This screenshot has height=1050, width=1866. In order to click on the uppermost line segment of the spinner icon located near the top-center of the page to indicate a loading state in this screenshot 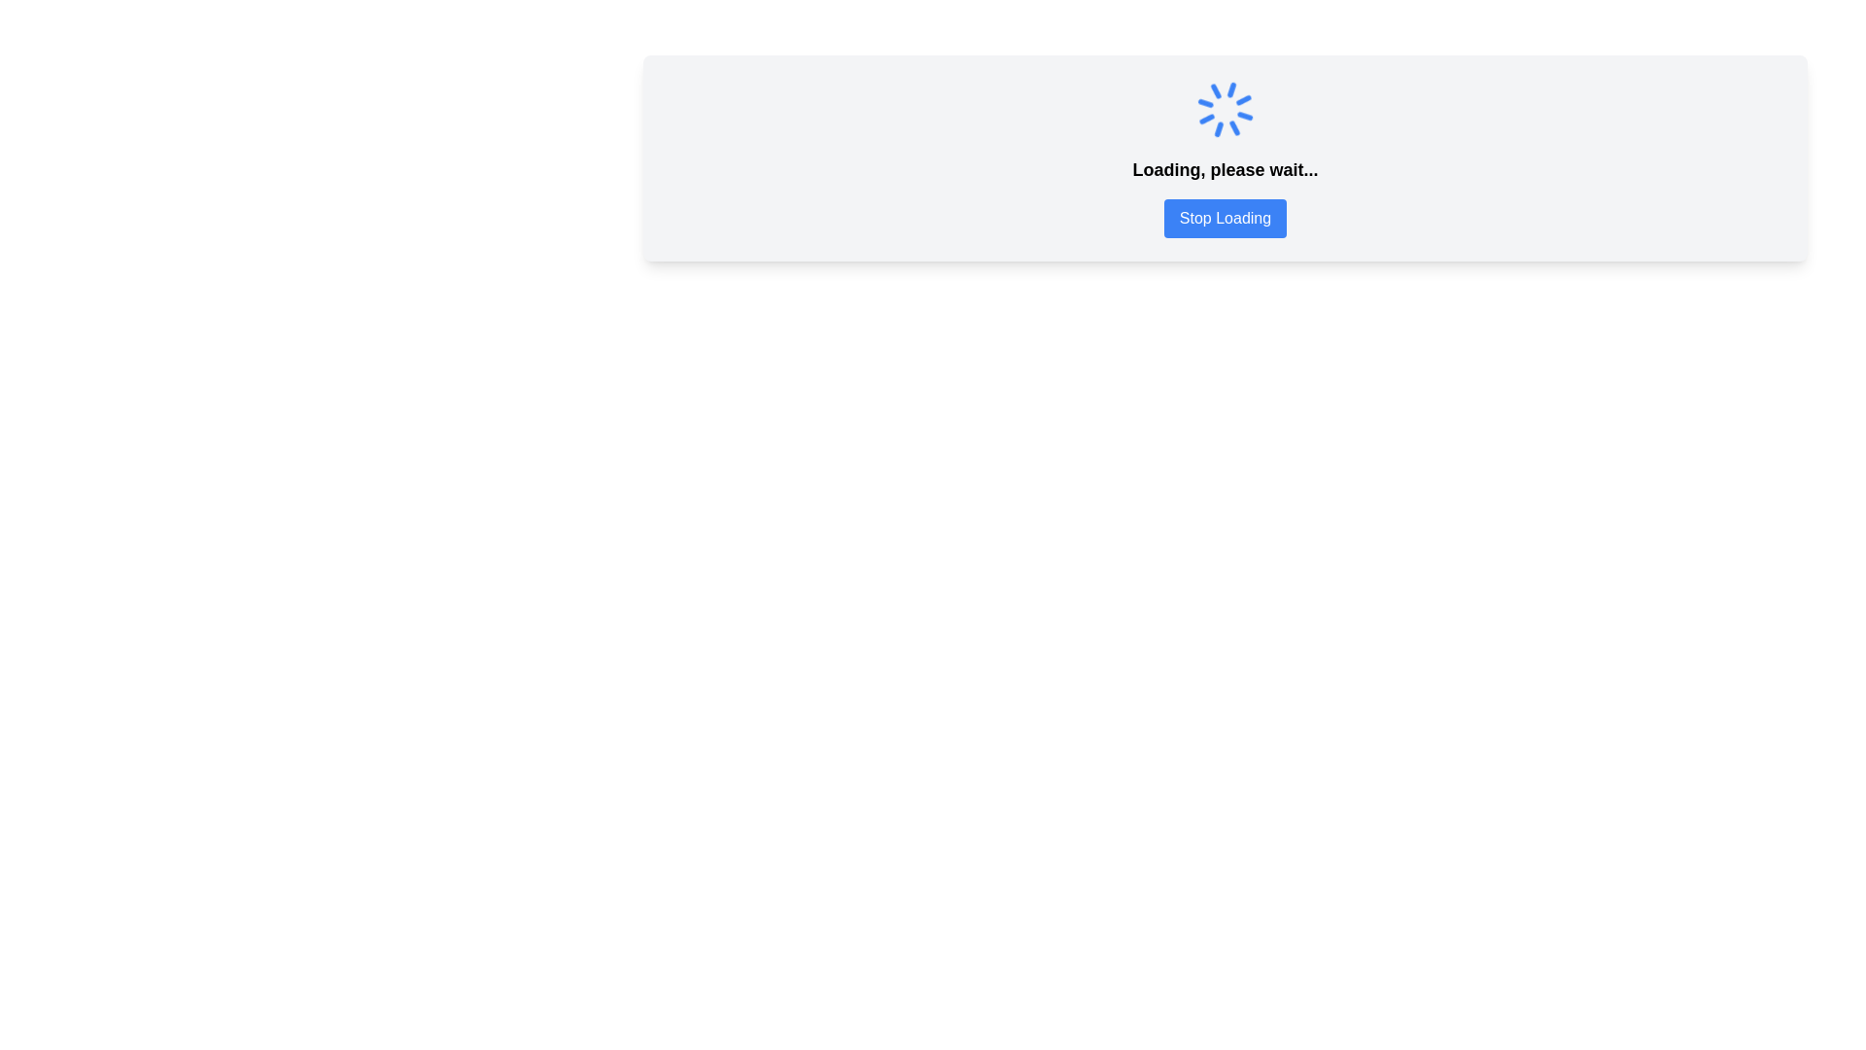, I will do `click(1232, 128)`.